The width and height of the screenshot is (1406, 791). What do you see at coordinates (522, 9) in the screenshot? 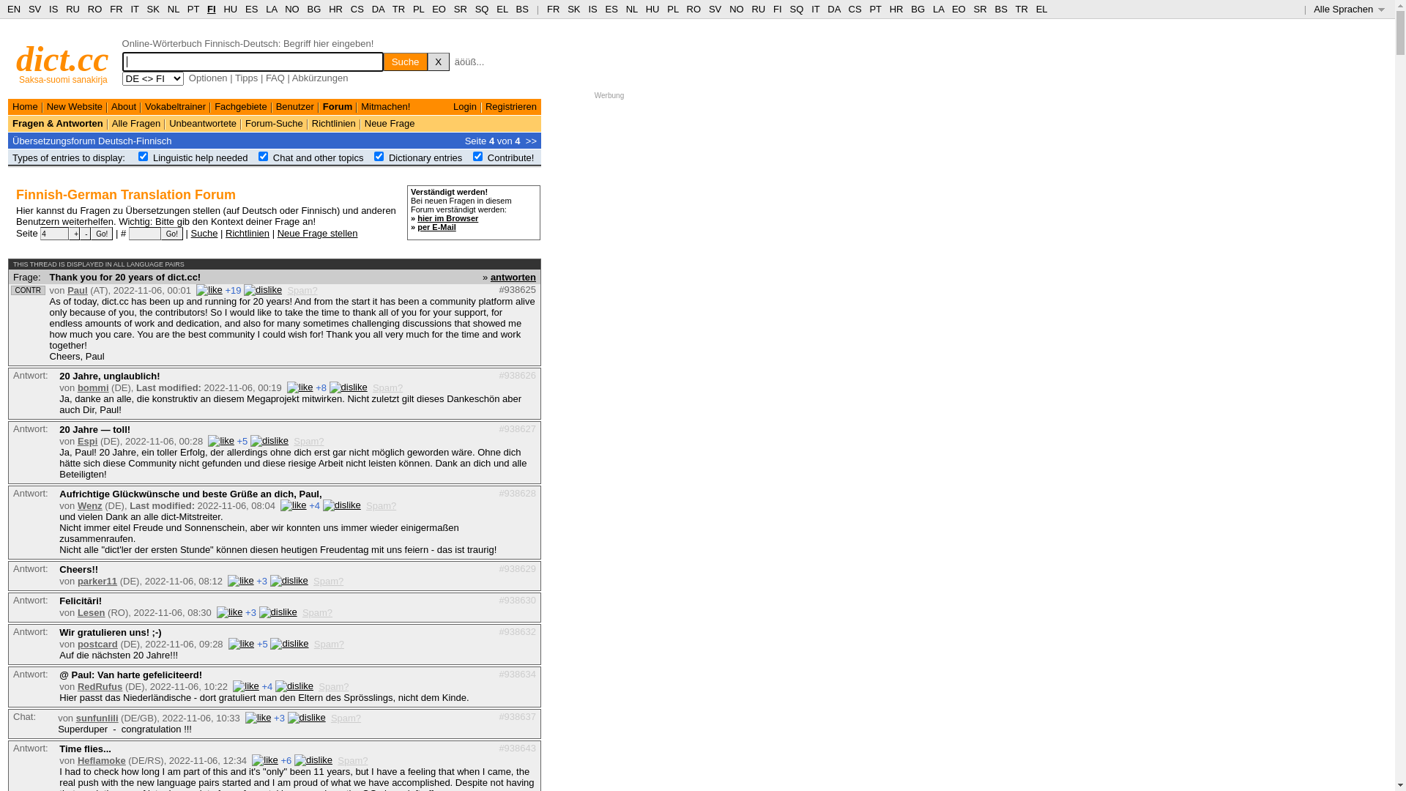
I see `'BS'` at bounding box center [522, 9].